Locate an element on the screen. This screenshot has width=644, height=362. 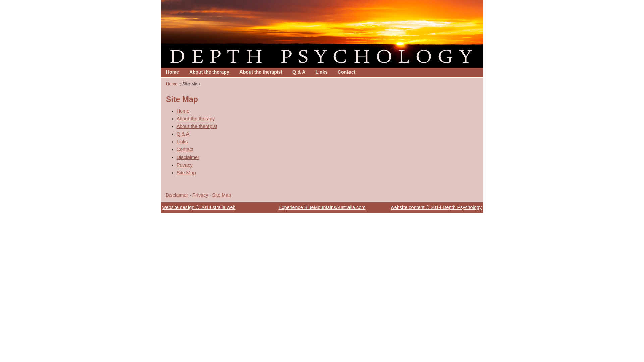
'About the therapy' is located at coordinates (209, 72).